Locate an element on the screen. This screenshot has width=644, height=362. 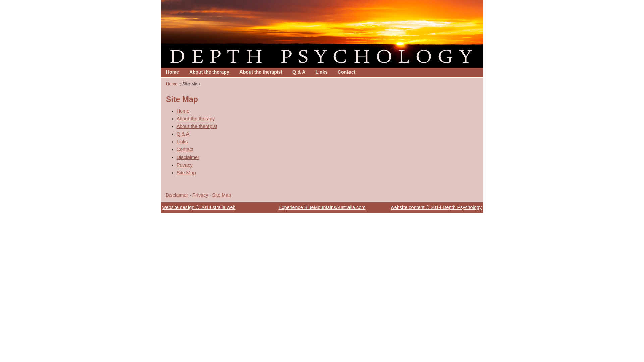
'About the therapy' is located at coordinates (209, 72).